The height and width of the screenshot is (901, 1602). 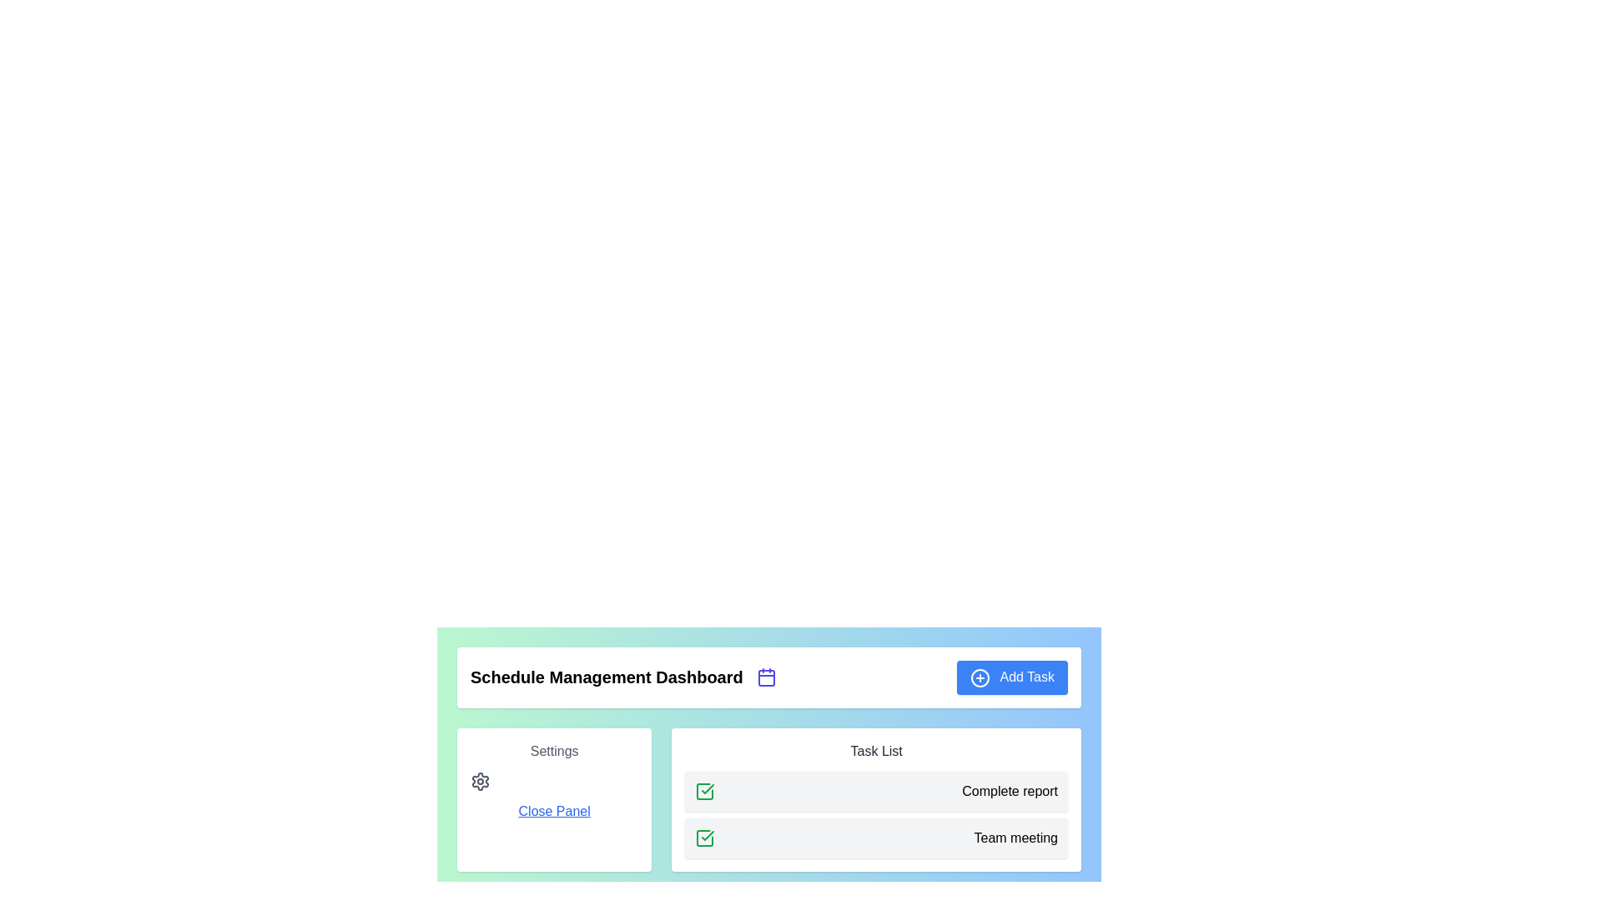 I want to click on the static text element displaying 'Schedule Management Dashboard', which is centrally located in the header section of the interface, so click(x=606, y=677).